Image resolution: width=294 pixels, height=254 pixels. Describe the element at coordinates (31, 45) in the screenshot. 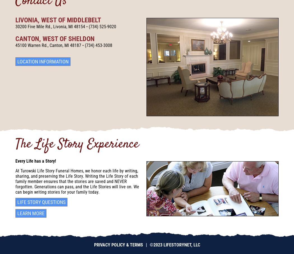

I see `'45100 Warren Rd.'` at that location.